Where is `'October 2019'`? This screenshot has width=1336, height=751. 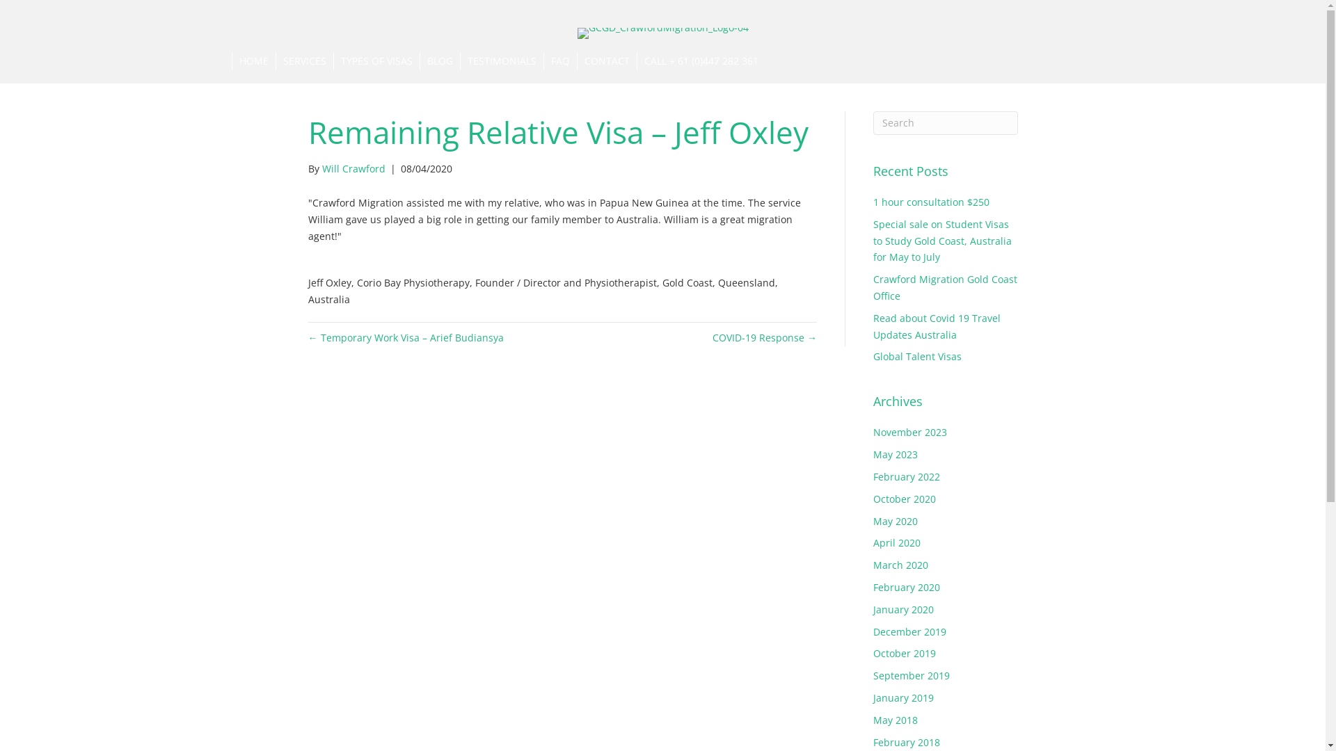 'October 2019' is located at coordinates (905, 653).